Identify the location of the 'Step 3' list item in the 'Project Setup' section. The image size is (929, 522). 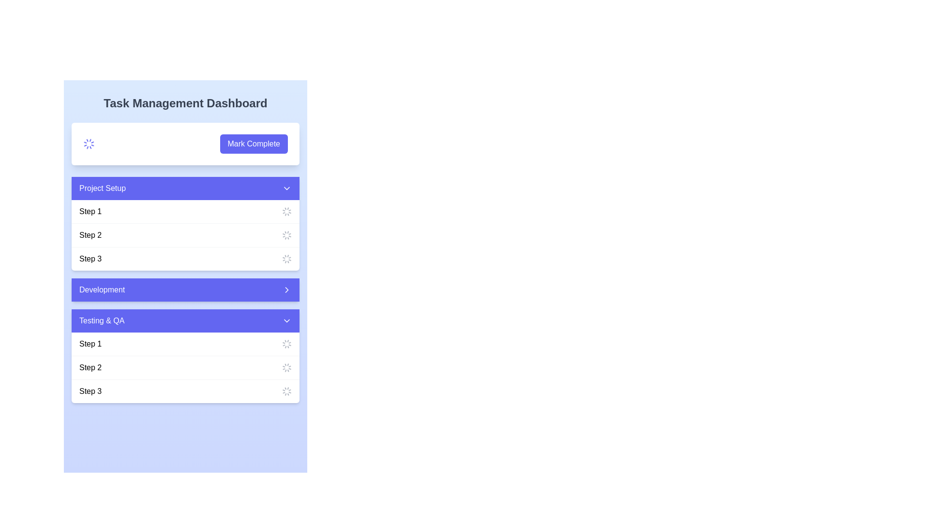
(185, 258).